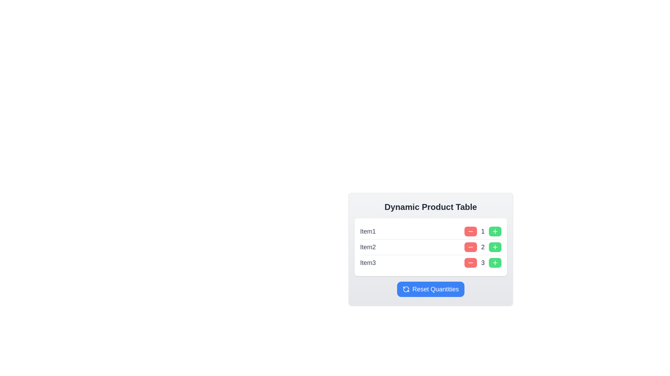 The image size is (670, 376). What do you see at coordinates (367, 263) in the screenshot?
I see `the text label displaying 'Item3' in the third row of the 'Dynamic Product Table'` at bounding box center [367, 263].